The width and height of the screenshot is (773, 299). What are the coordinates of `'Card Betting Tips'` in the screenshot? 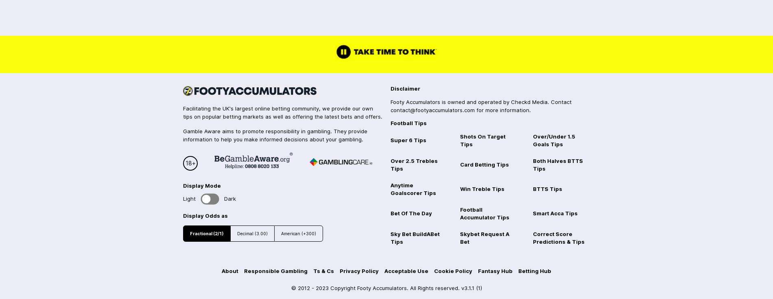 It's located at (483, 164).